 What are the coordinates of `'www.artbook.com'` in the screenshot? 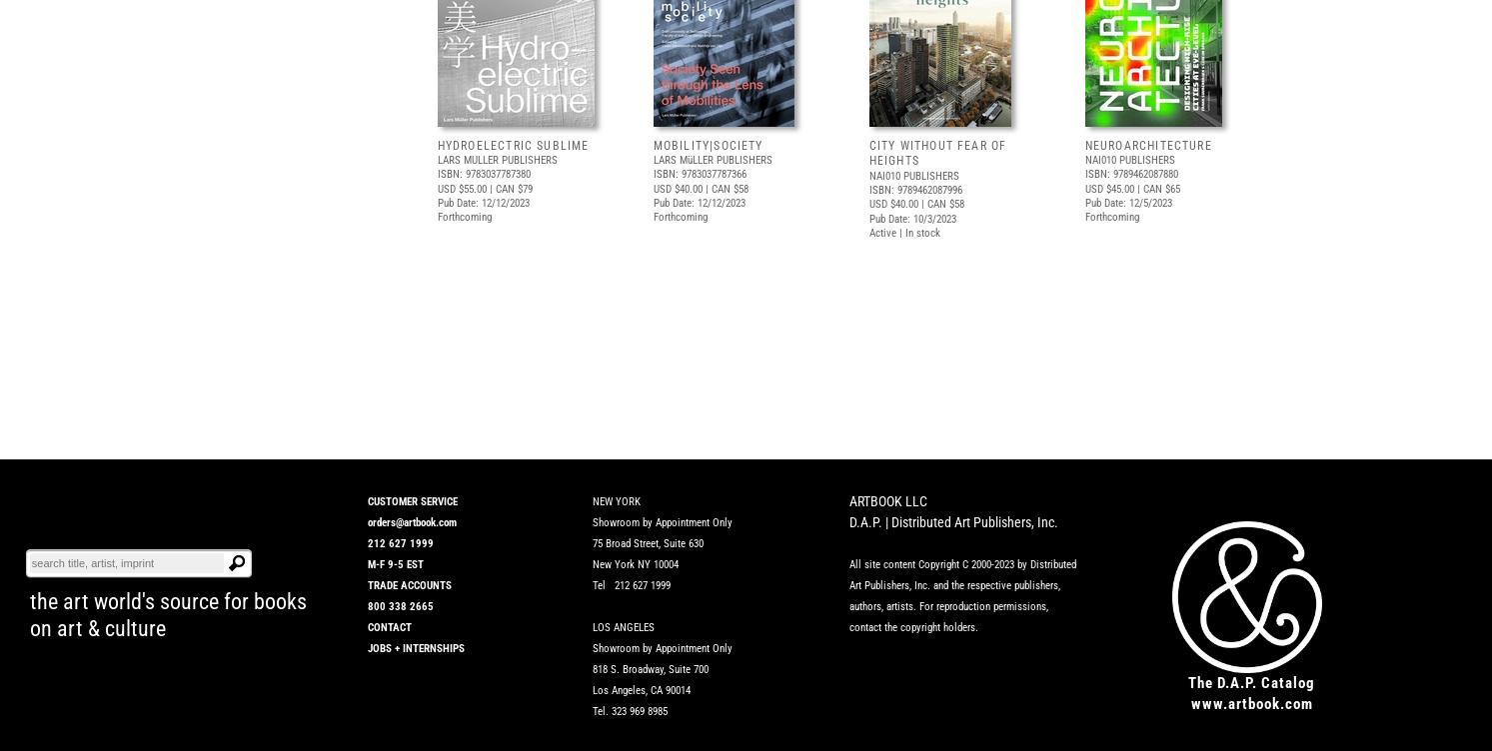 It's located at (1251, 702).